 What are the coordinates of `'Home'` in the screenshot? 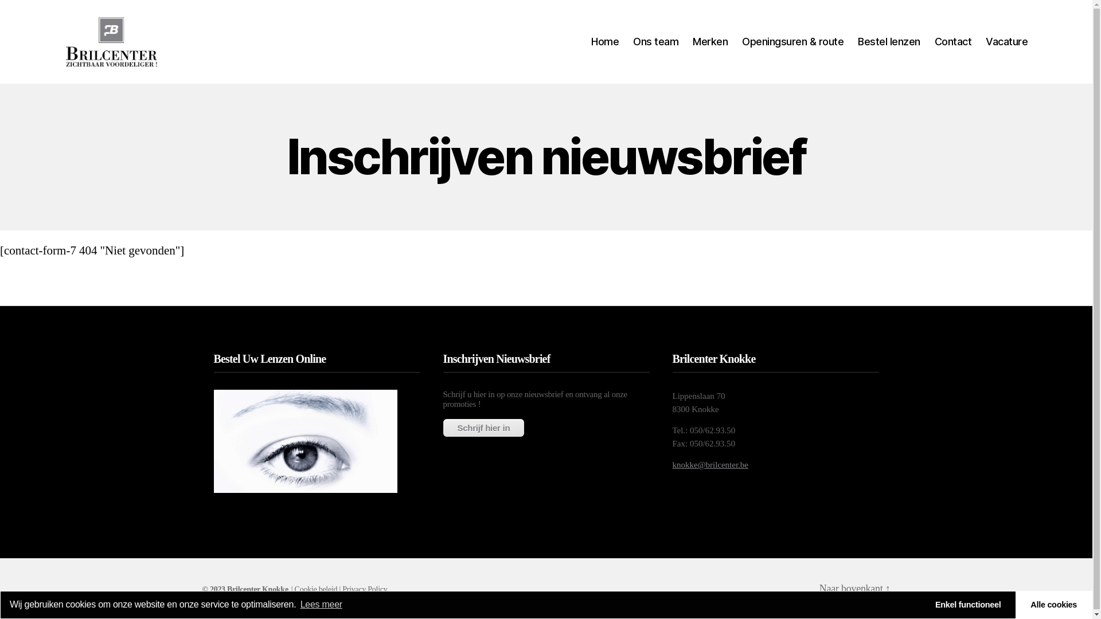 It's located at (604, 41).